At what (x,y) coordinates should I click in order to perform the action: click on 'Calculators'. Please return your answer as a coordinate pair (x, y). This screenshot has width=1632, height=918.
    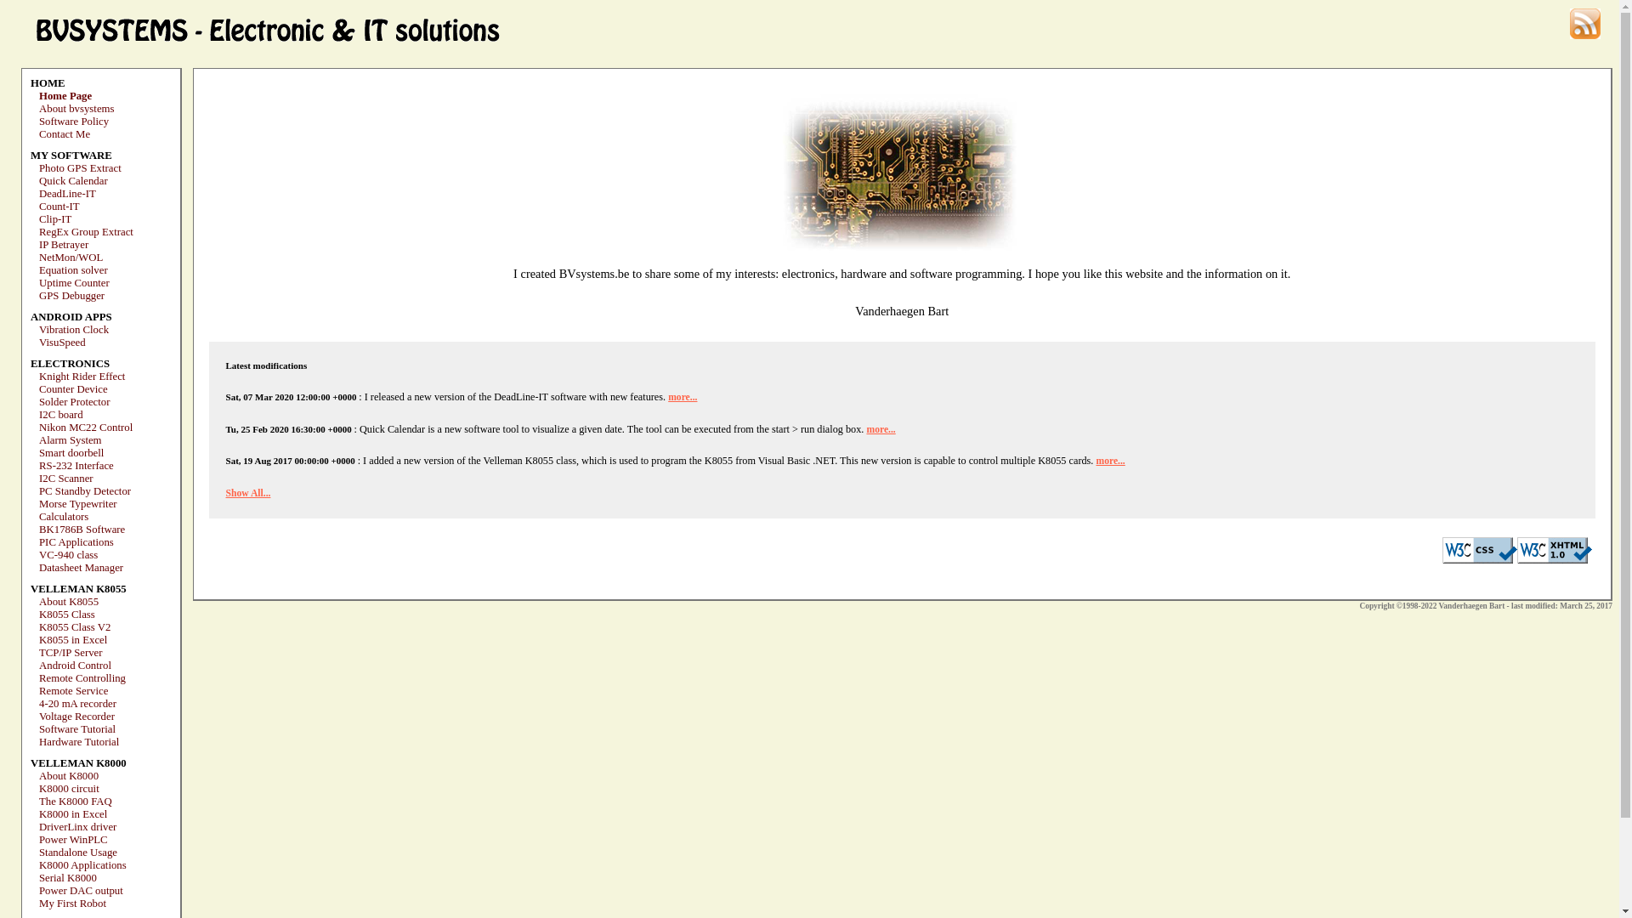
    Looking at the image, I should click on (64, 516).